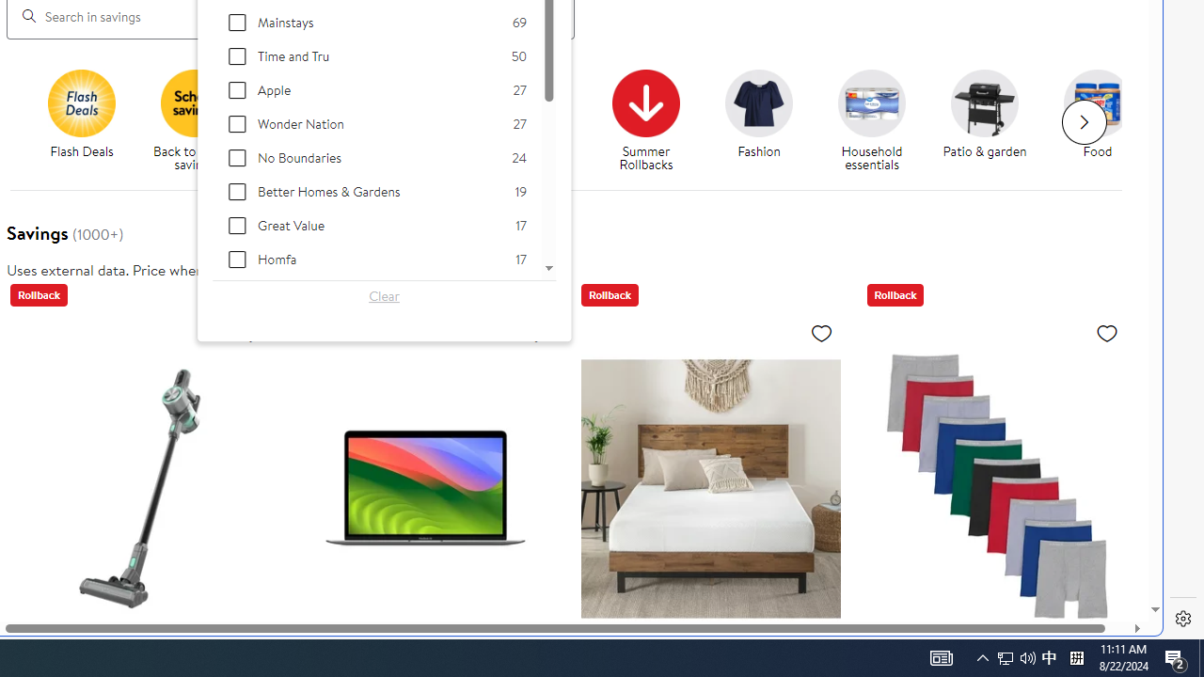  I want to click on 'Household essentials', so click(879, 121).